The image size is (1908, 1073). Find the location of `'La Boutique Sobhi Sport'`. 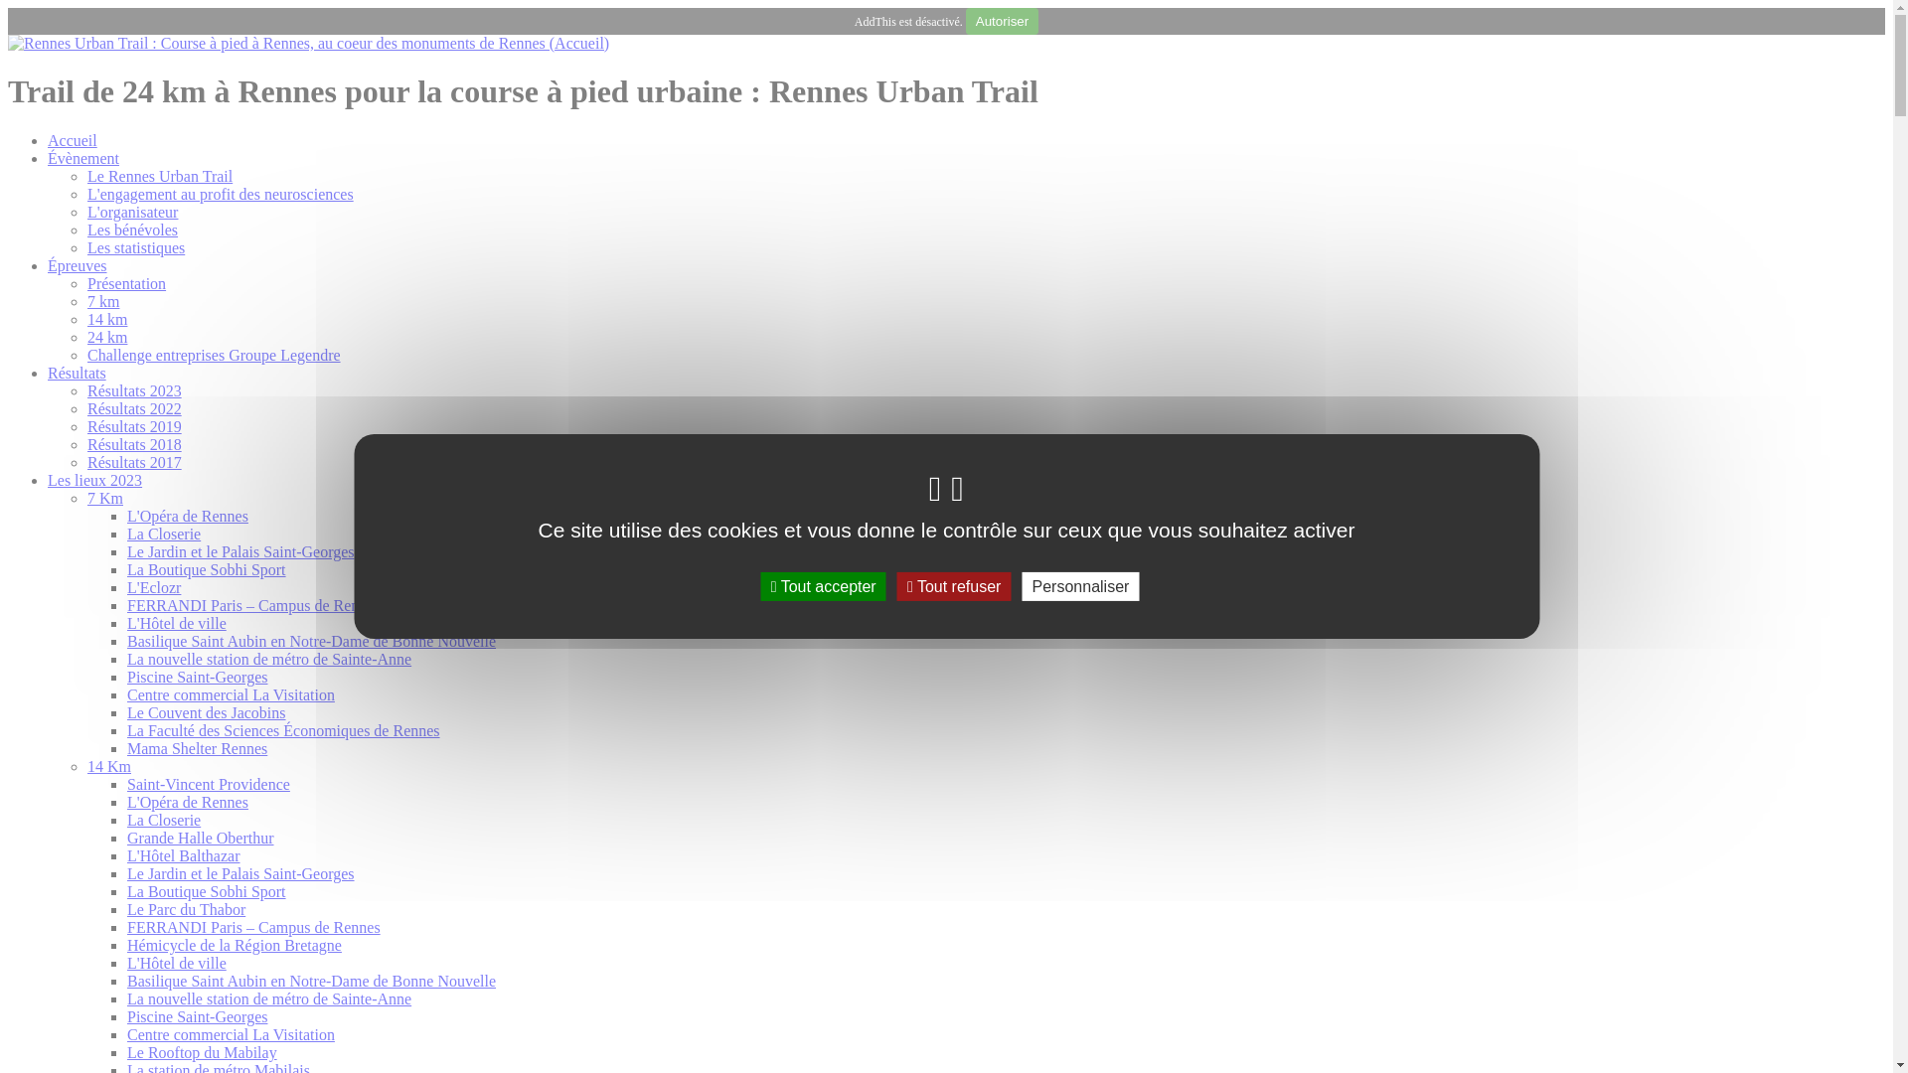

'La Boutique Sobhi Sport' is located at coordinates (206, 890).